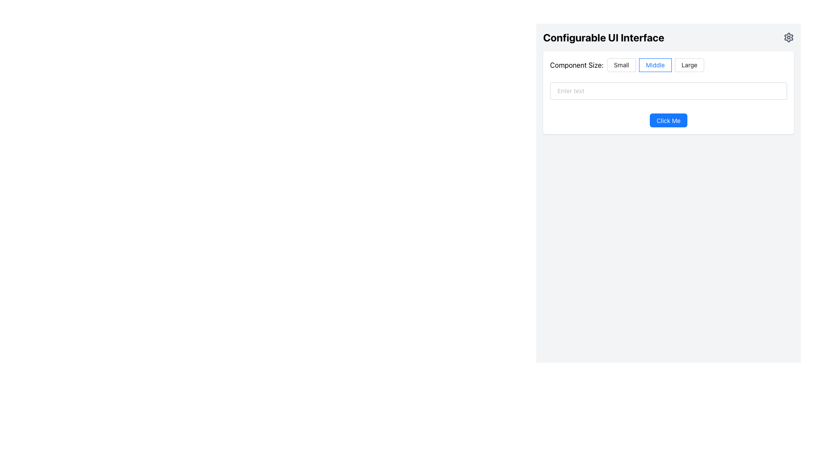  What do you see at coordinates (603, 37) in the screenshot?
I see `text from the bold header labeled 'Configurable UI Interface', which is styled in black and aligned left within its section` at bounding box center [603, 37].